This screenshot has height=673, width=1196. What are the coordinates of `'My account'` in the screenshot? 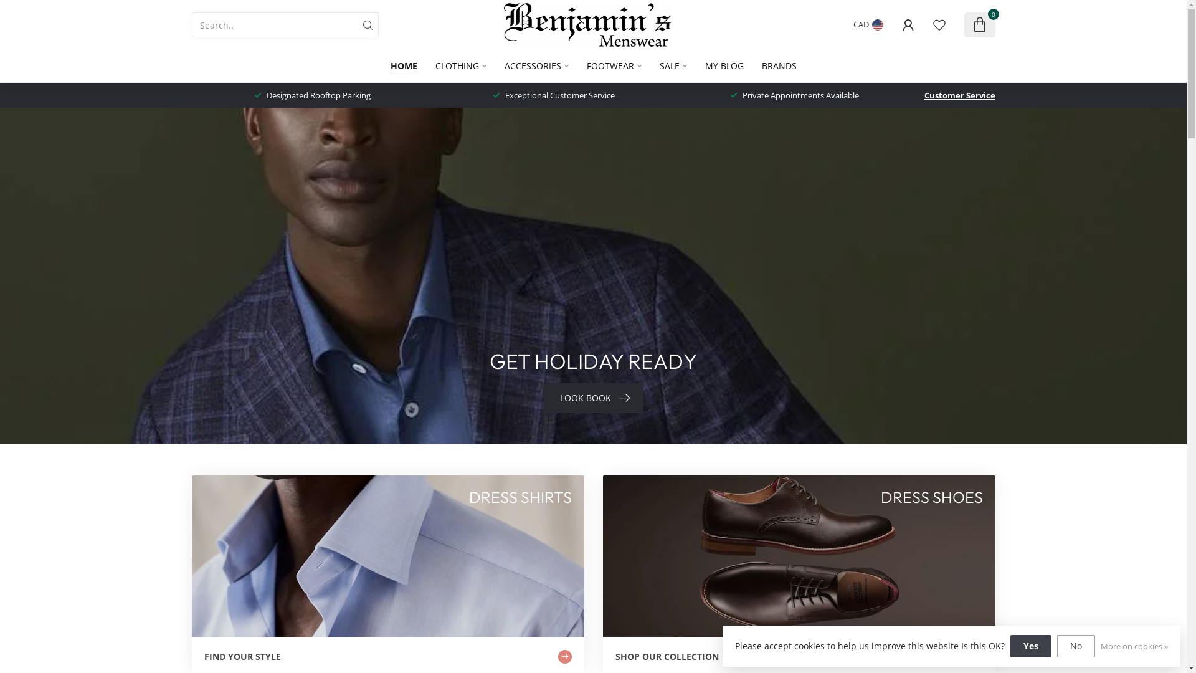 It's located at (908, 24).